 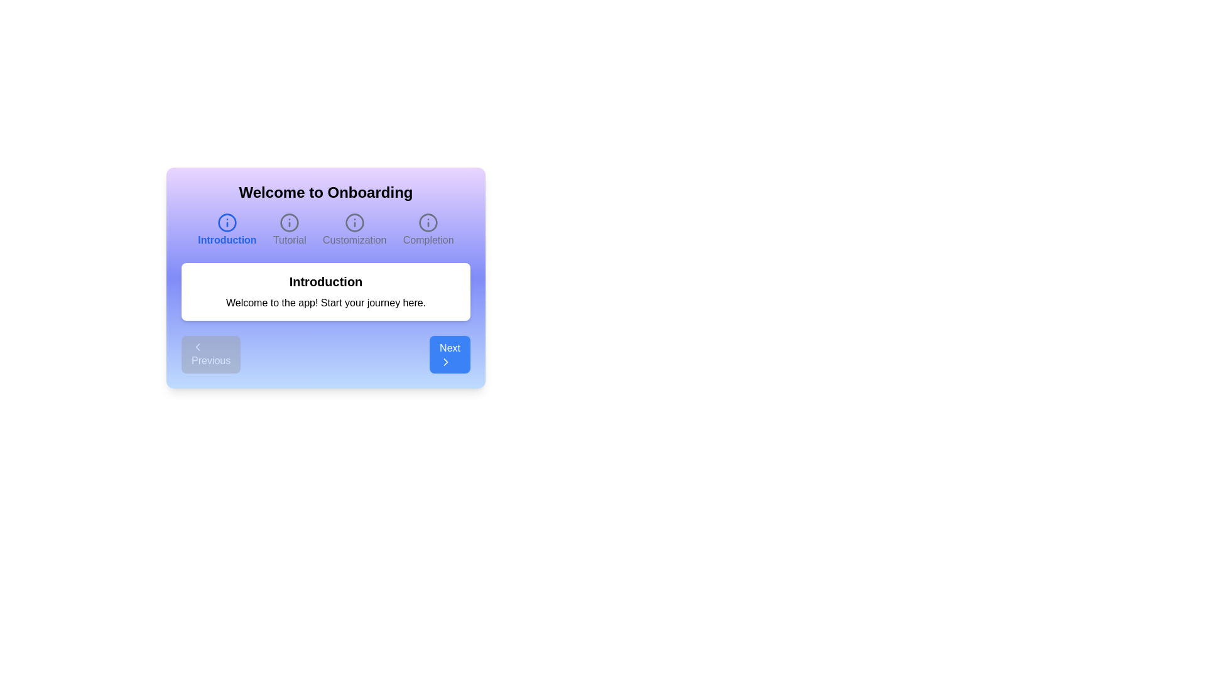 I want to click on the Informational panel titled 'Introduction' which contains the subtitle 'Welcome to the app! Start your journey here.', so click(x=325, y=277).